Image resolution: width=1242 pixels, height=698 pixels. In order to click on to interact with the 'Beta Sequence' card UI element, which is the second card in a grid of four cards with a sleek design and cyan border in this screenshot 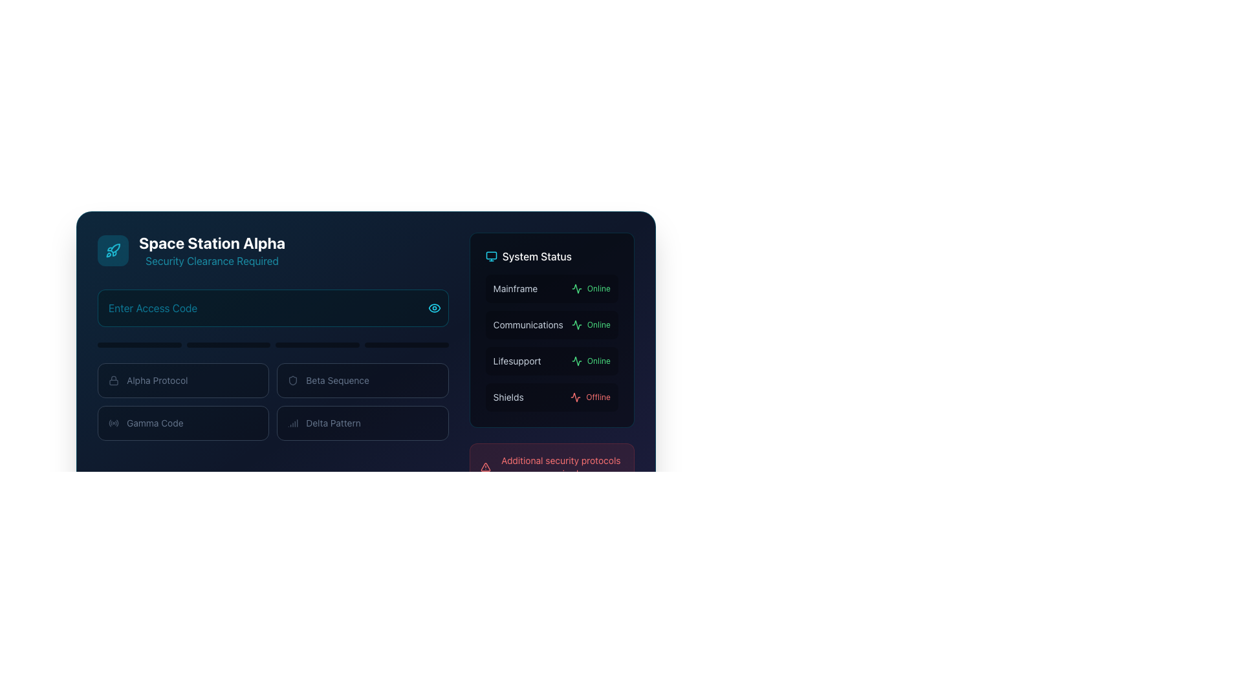, I will do `click(365, 387)`.